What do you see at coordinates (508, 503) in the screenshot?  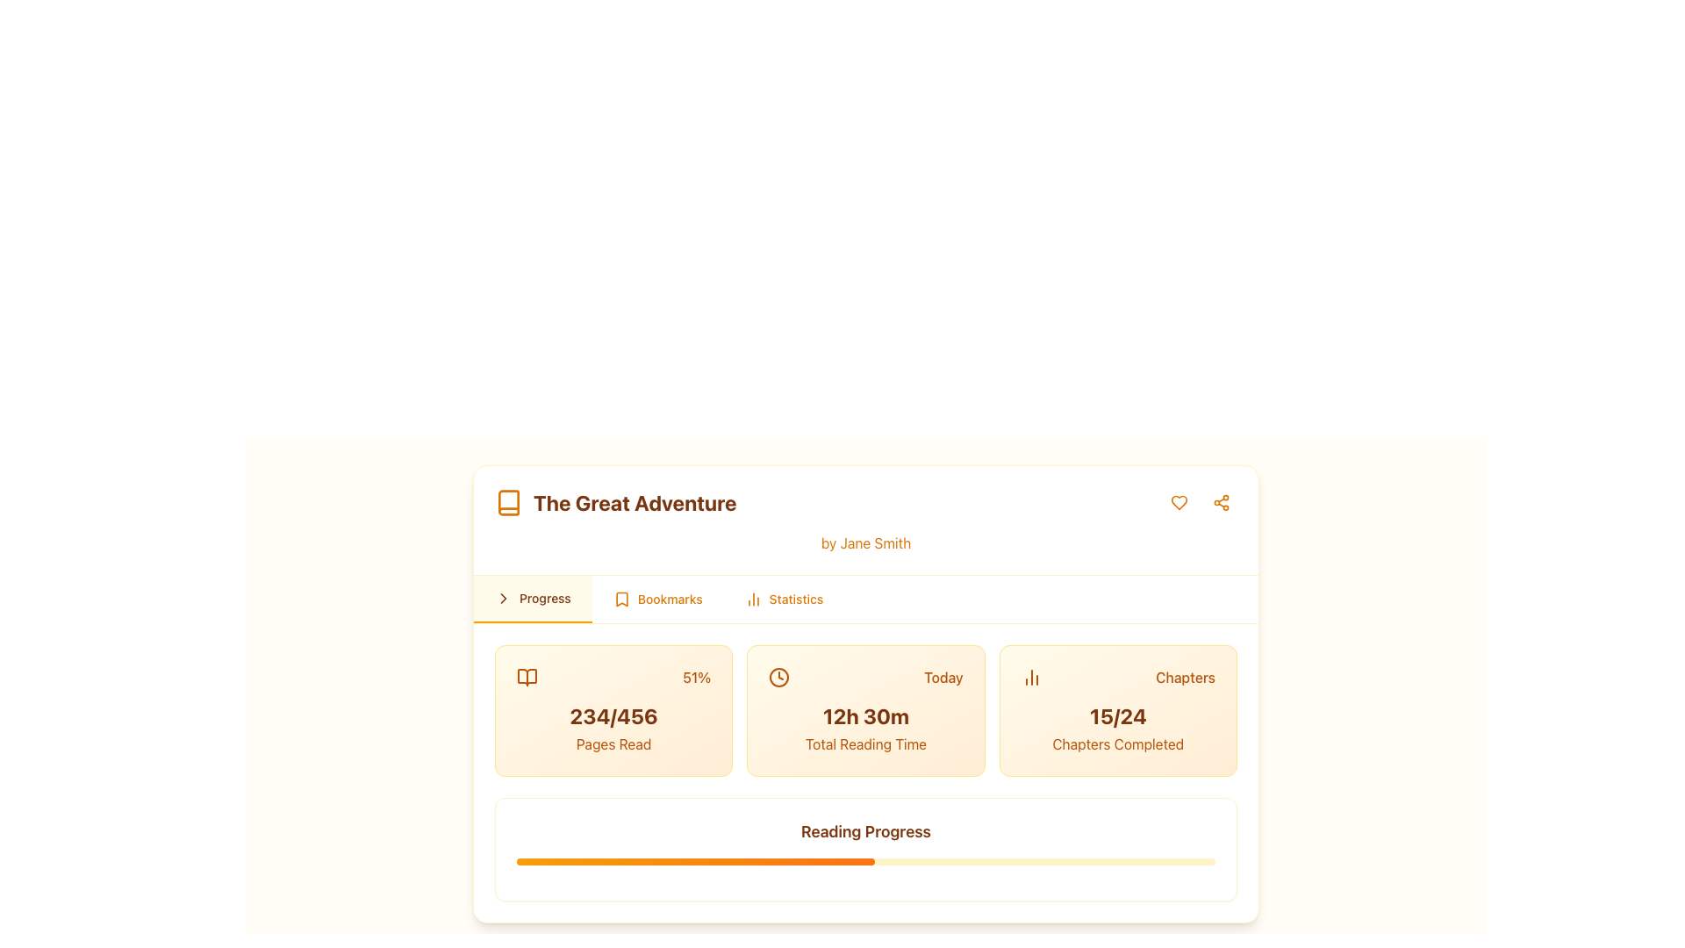 I see `the decorative book icon located in the app's header, adjacent to the left of the title 'The Great Adventure'` at bounding box center [508, 503].